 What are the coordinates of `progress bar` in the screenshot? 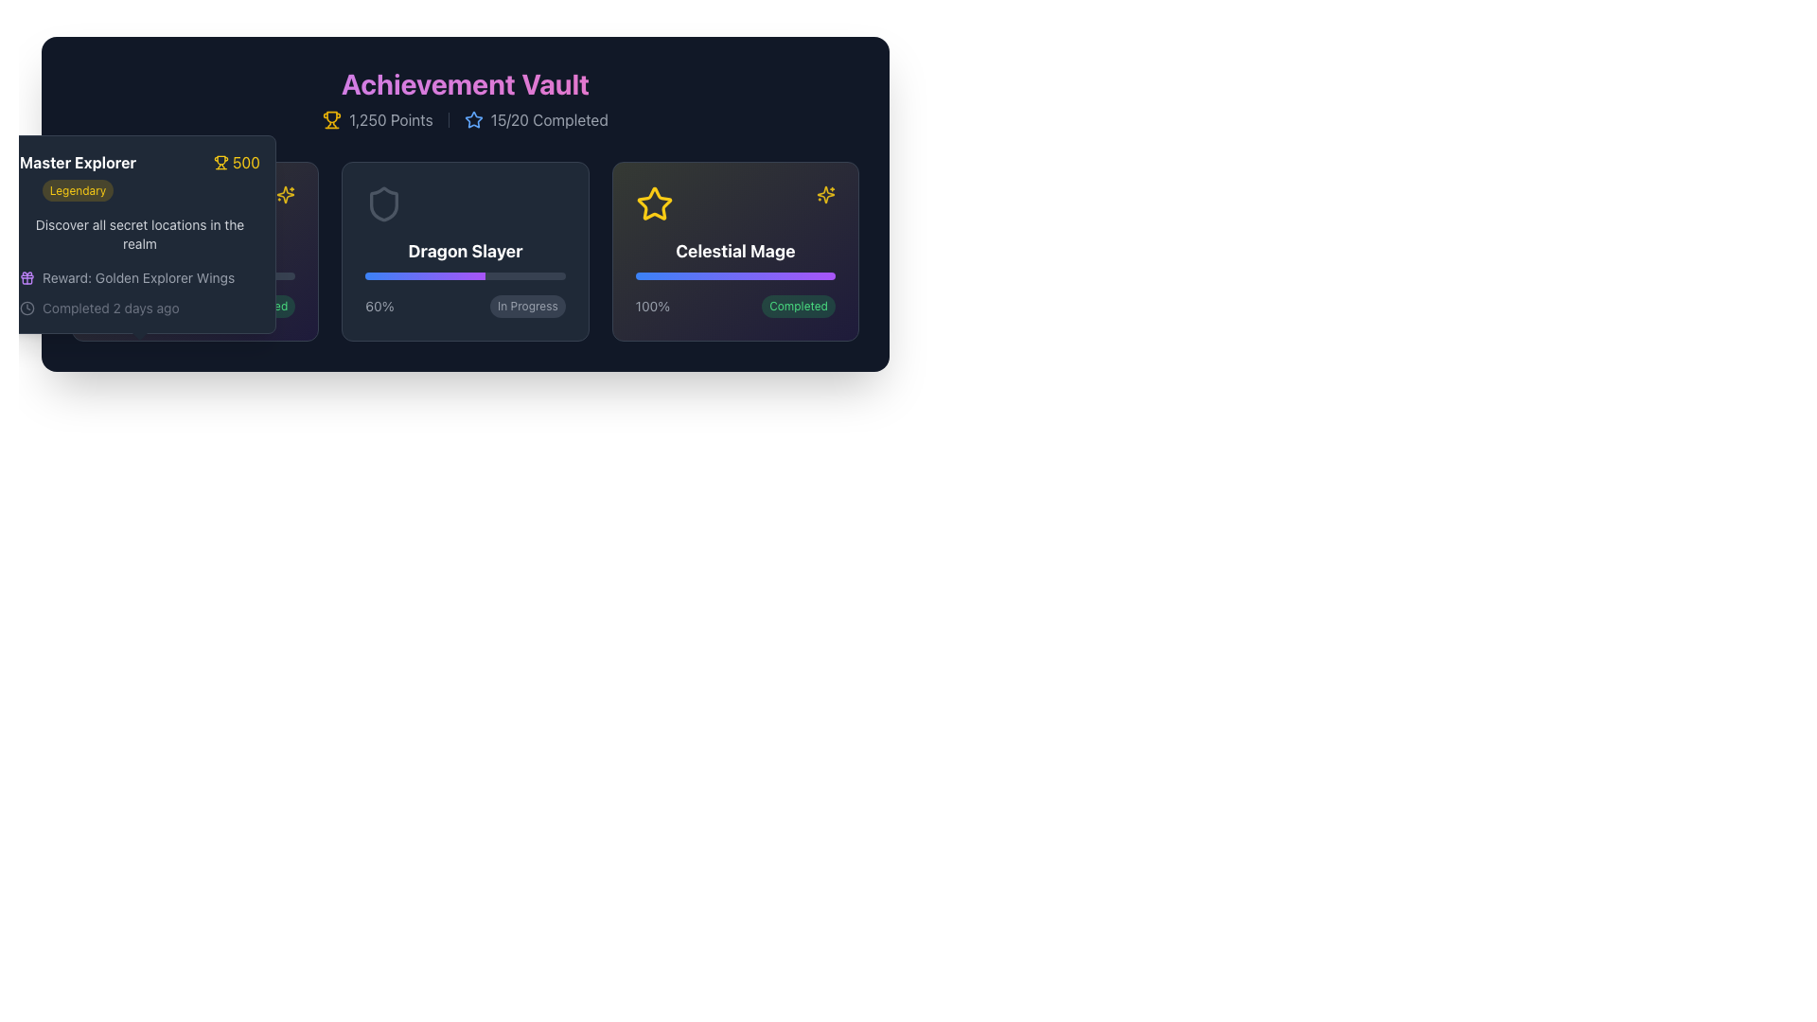 It's located at (401, 276).